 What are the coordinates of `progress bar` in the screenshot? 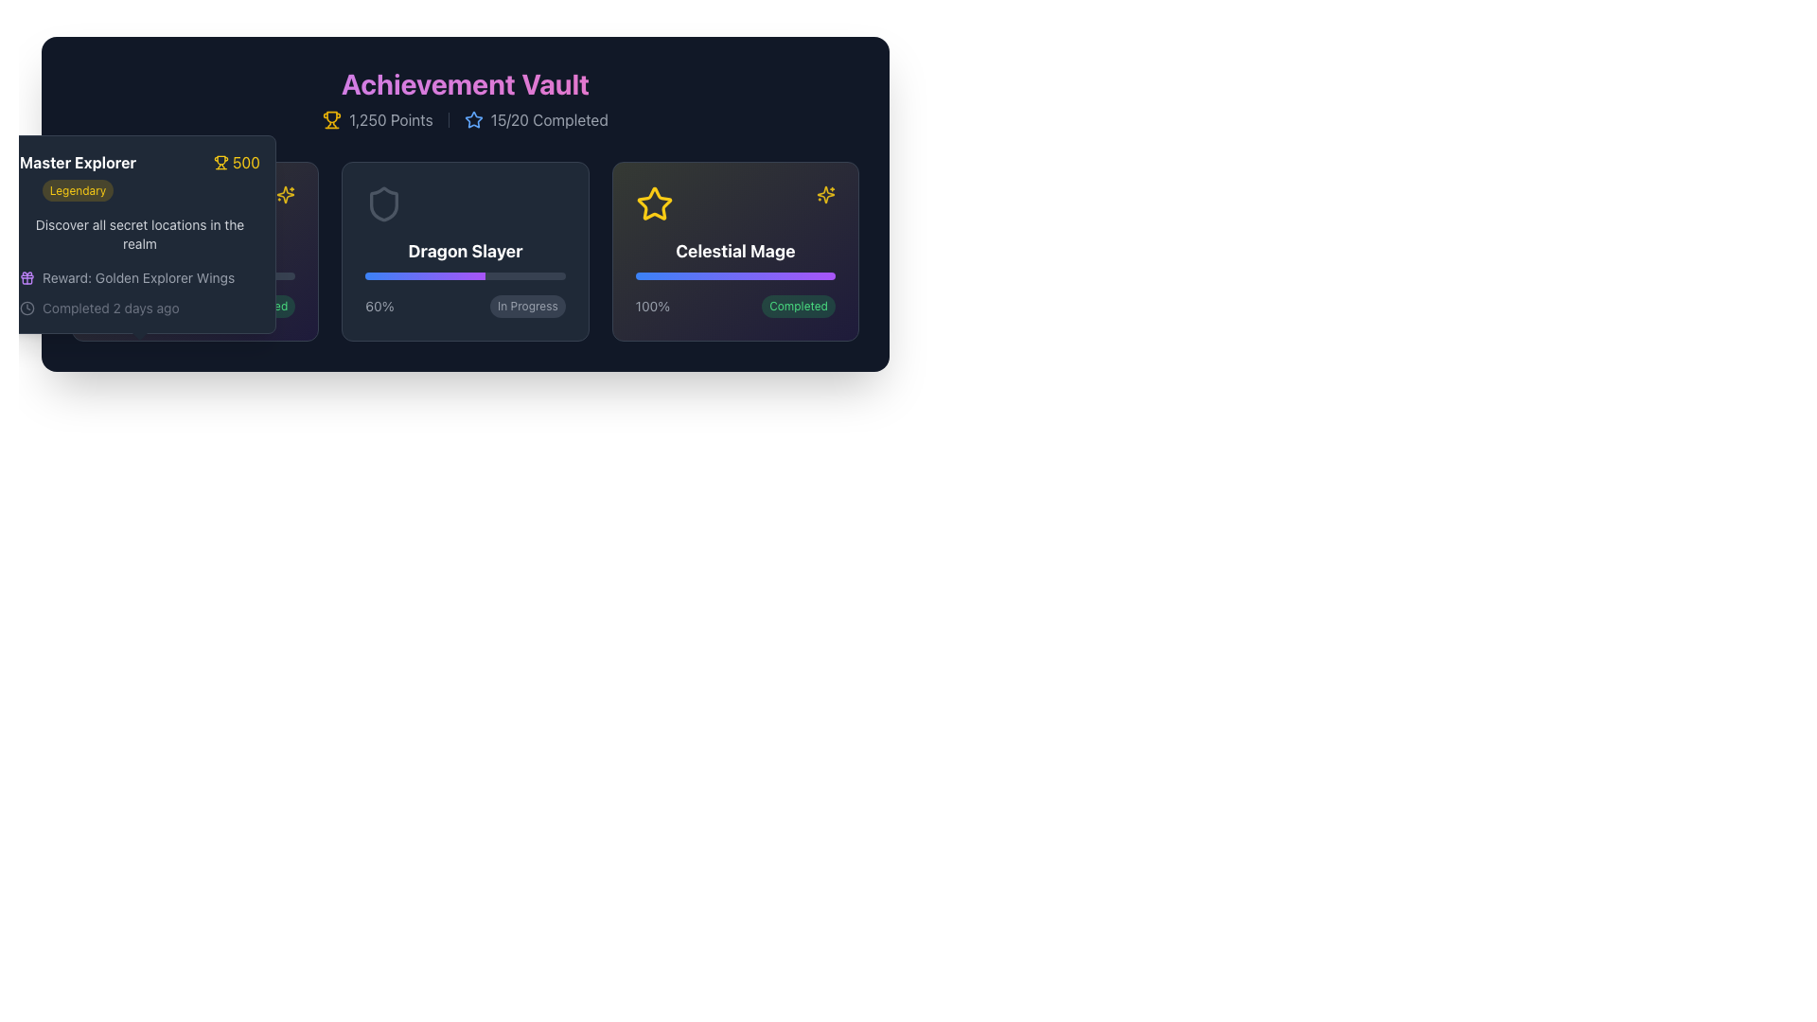 It's located at (401, 276).